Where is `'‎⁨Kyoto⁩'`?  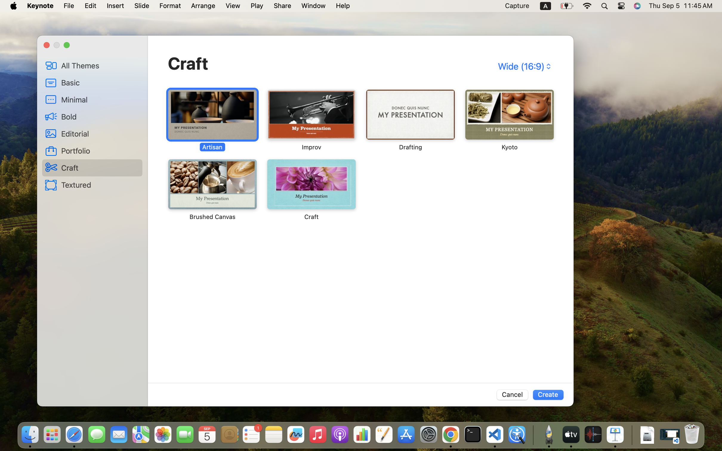
'‎⁨Kyoto⁩' is located at coordinates (509, 120).